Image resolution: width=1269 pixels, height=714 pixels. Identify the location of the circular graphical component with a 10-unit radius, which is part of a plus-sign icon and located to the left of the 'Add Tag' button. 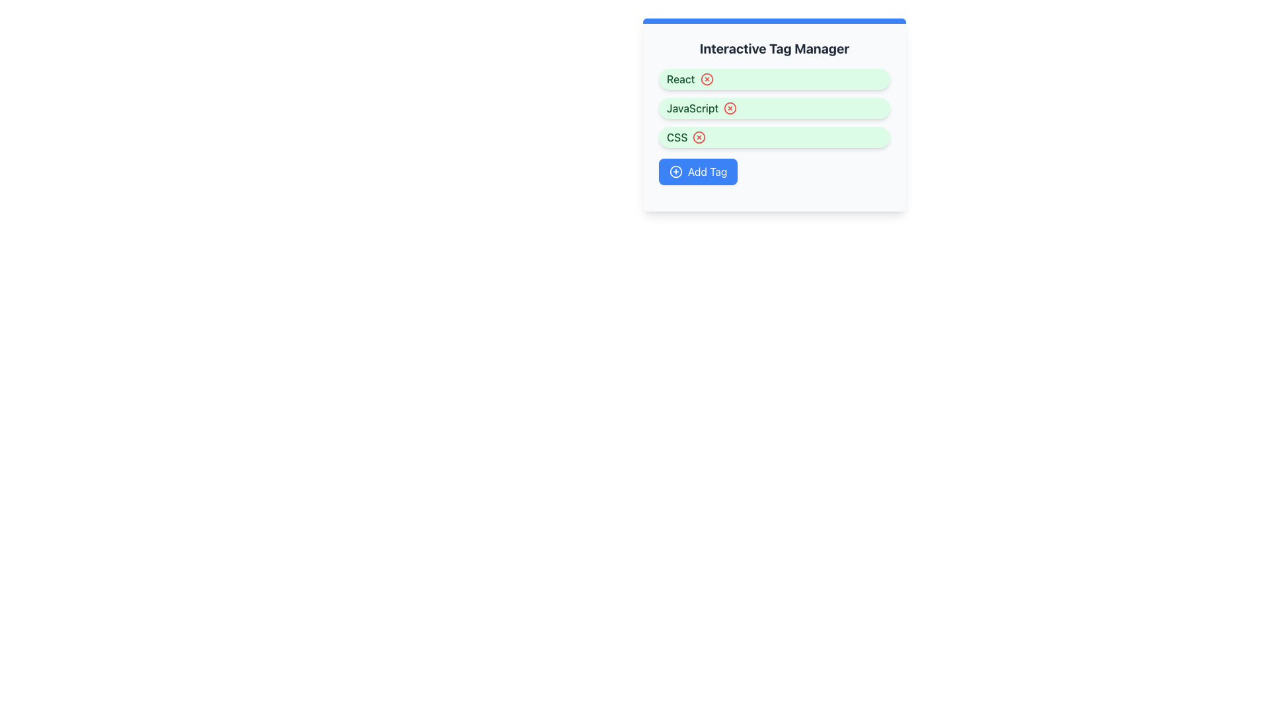
(675, 171).